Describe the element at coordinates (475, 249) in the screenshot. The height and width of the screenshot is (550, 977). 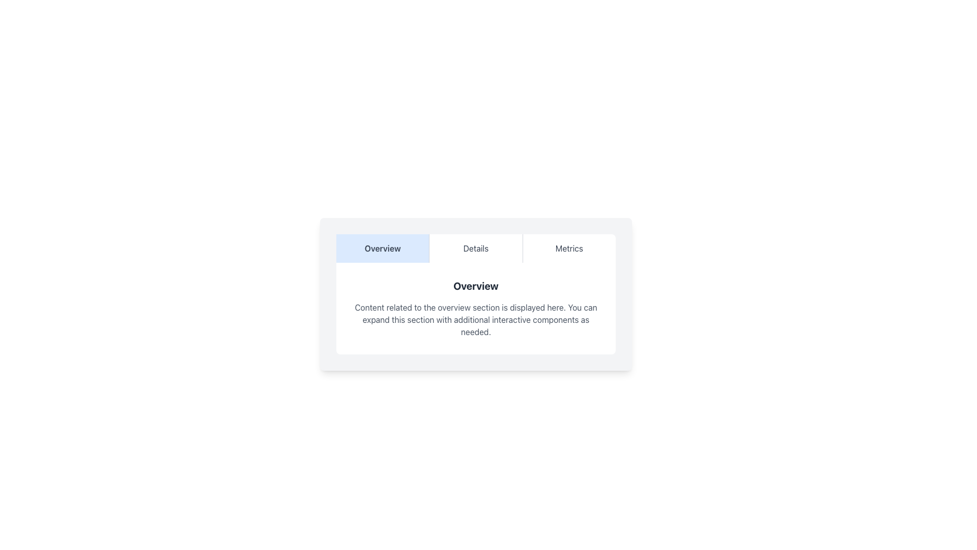
I see `the 'Details' tab, which is the middle tab of three, to trigger the hover effect` at that location.